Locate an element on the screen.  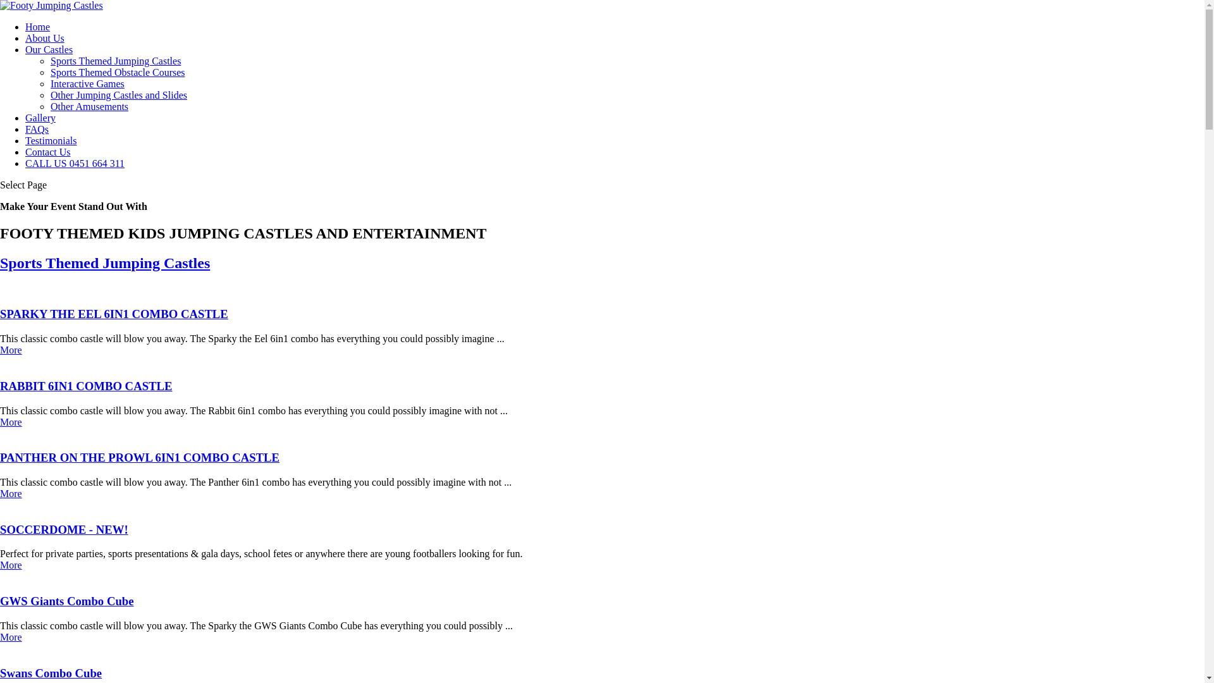
'Contact Us' is located at coordinates (48, 151).